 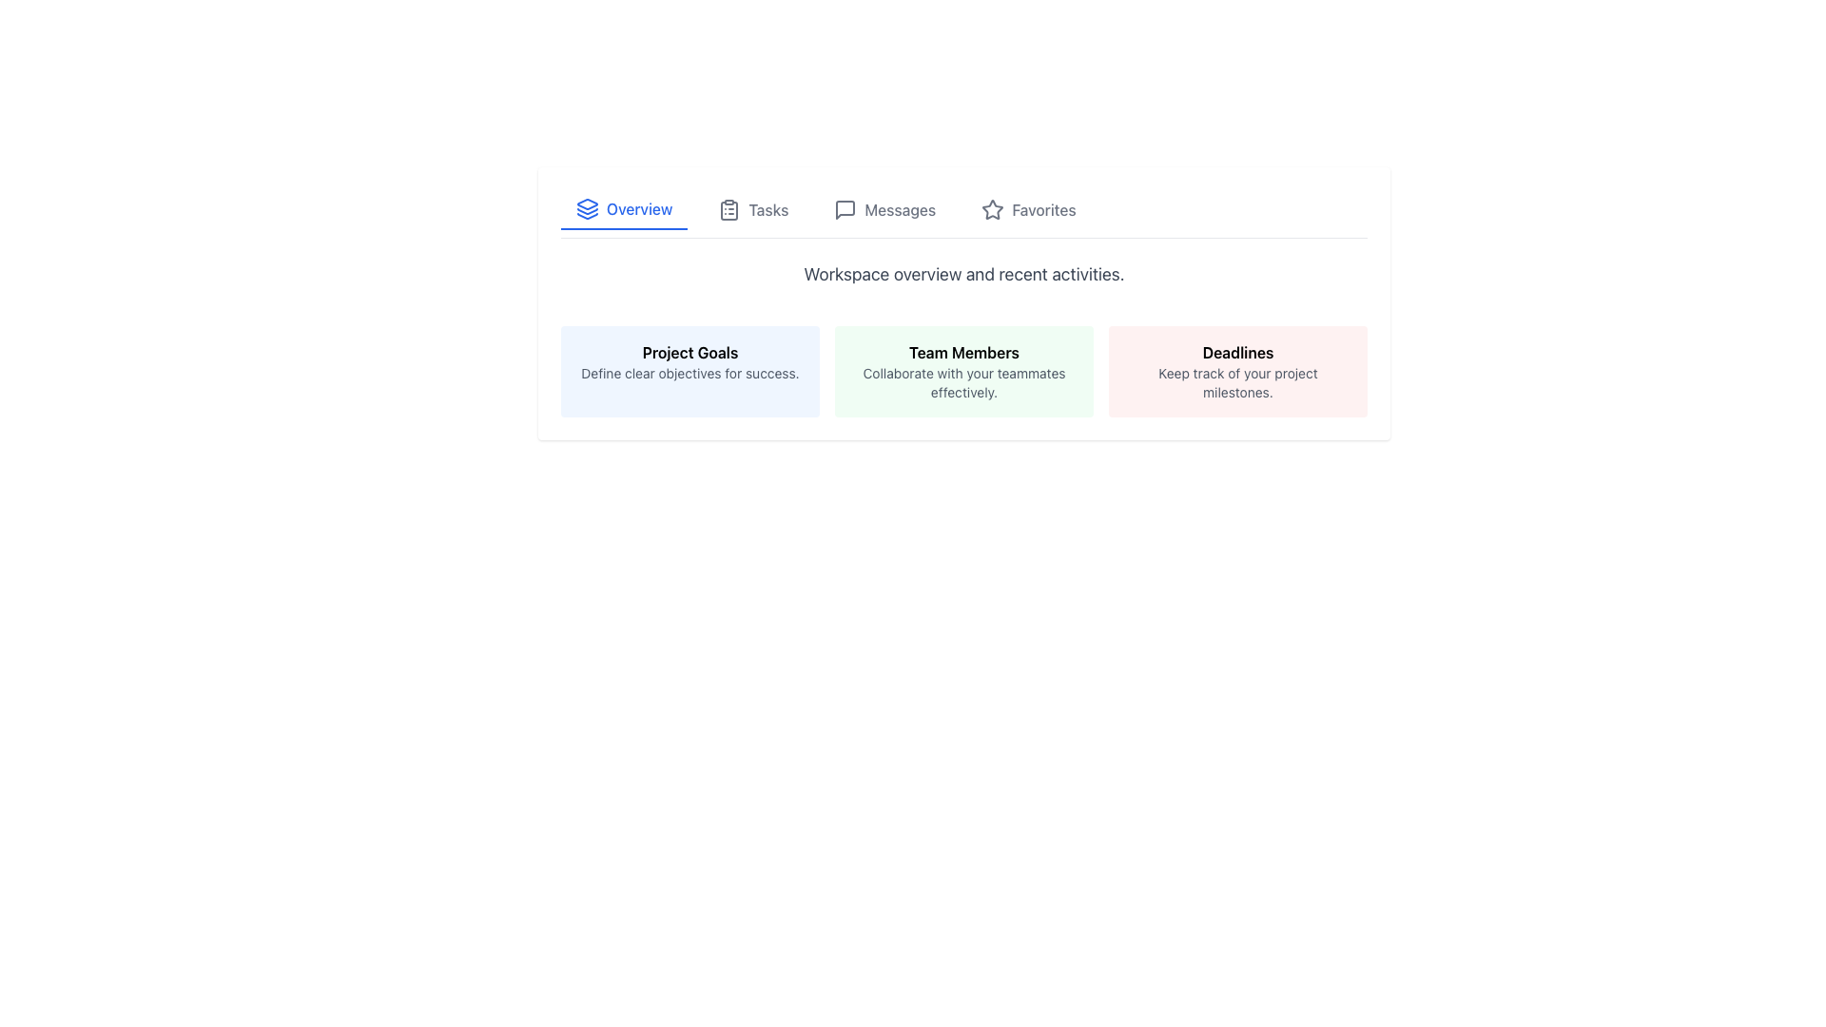 What do you see at coordinates (1237, 382) in the screenshot?
I see `descriptive text located beneath the 'Deadlines' heading on the pink background card, which is the rightmost card in a horizontally aligned row of similar cards` at bounding box center [1237, 382].